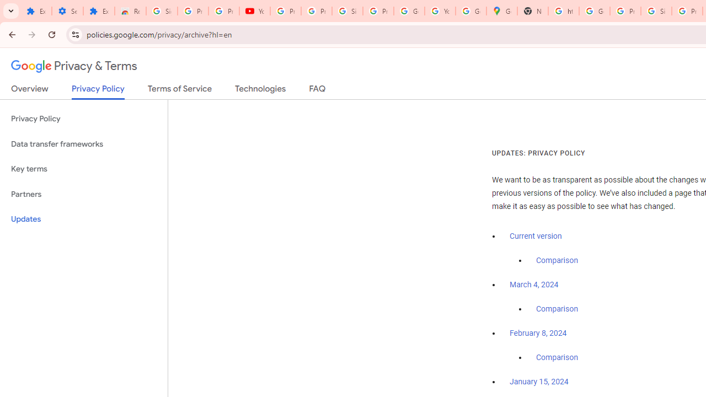 The height and width of the screenshot is (397, 706). I want to click on 'February 8, 2024', so click(538, 333).